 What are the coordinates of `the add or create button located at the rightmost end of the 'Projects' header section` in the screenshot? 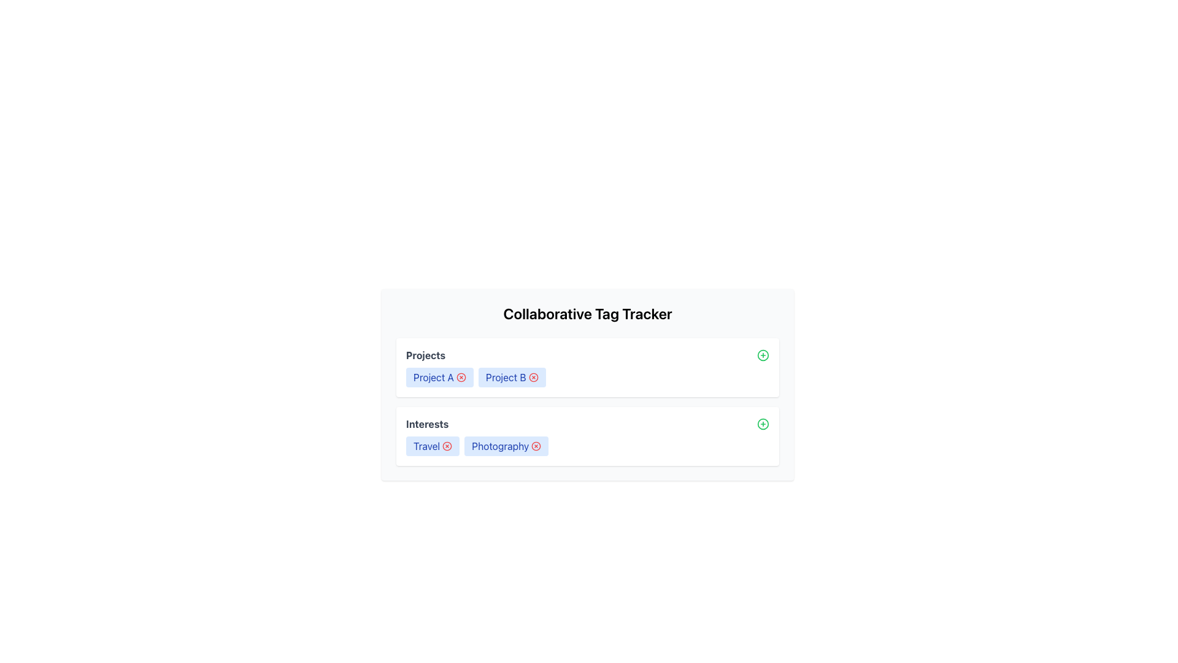 It's located at (762, 355).